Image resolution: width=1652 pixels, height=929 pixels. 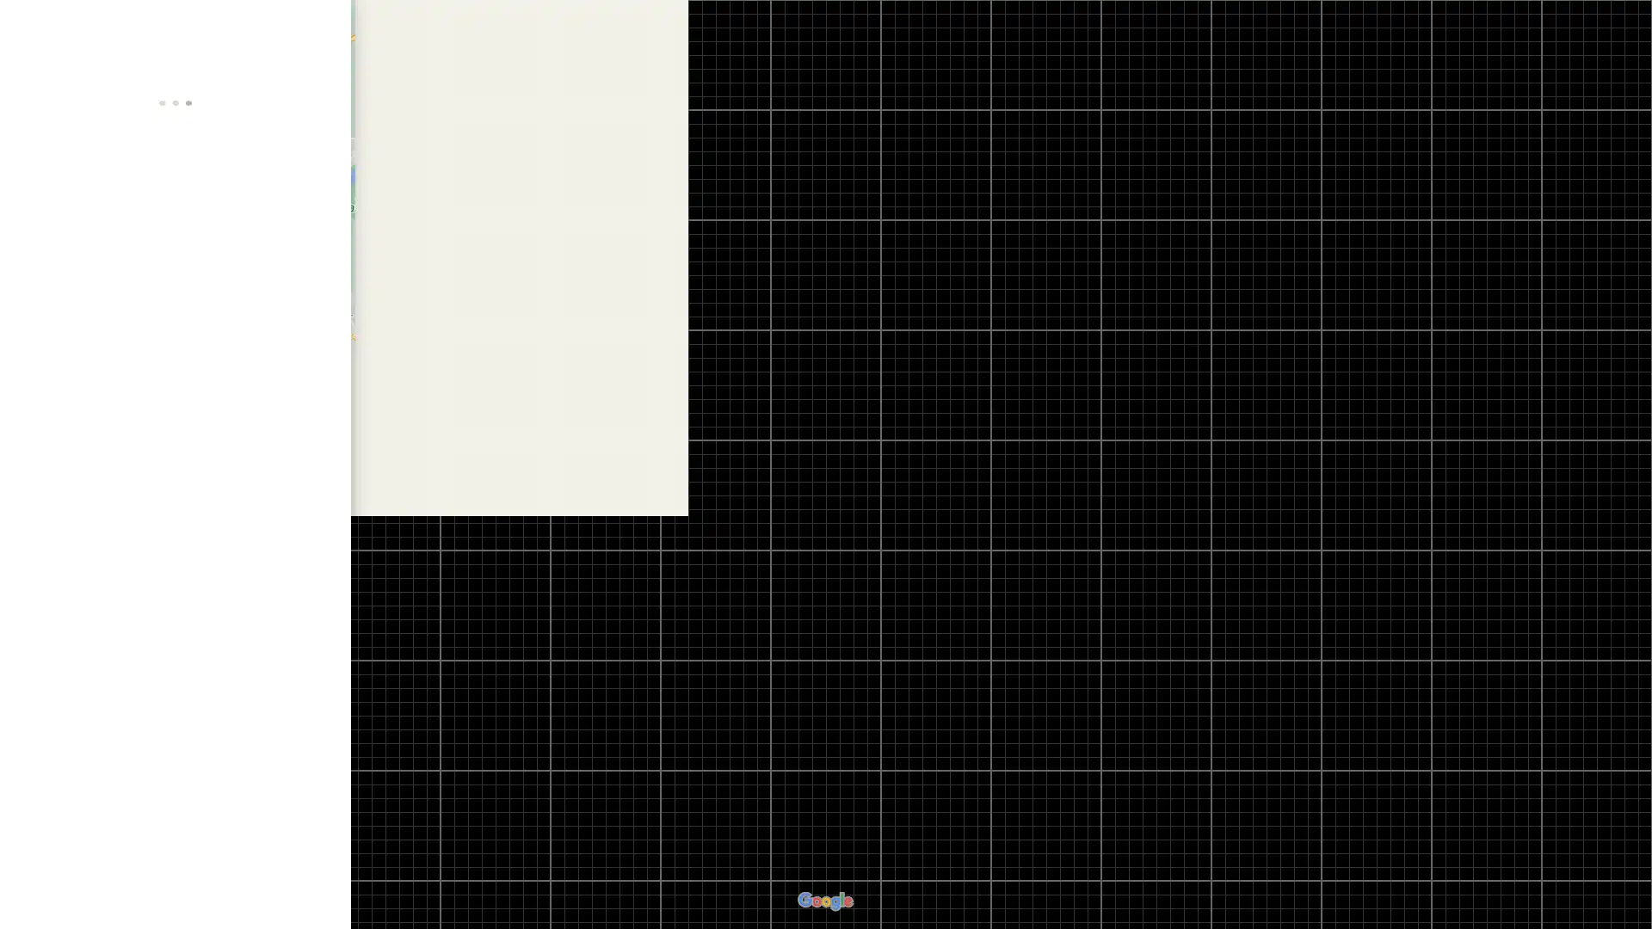 What do you see at coordinates (273, 27) in the screenshot?
I see `Search` at bounding box center [273, 27].